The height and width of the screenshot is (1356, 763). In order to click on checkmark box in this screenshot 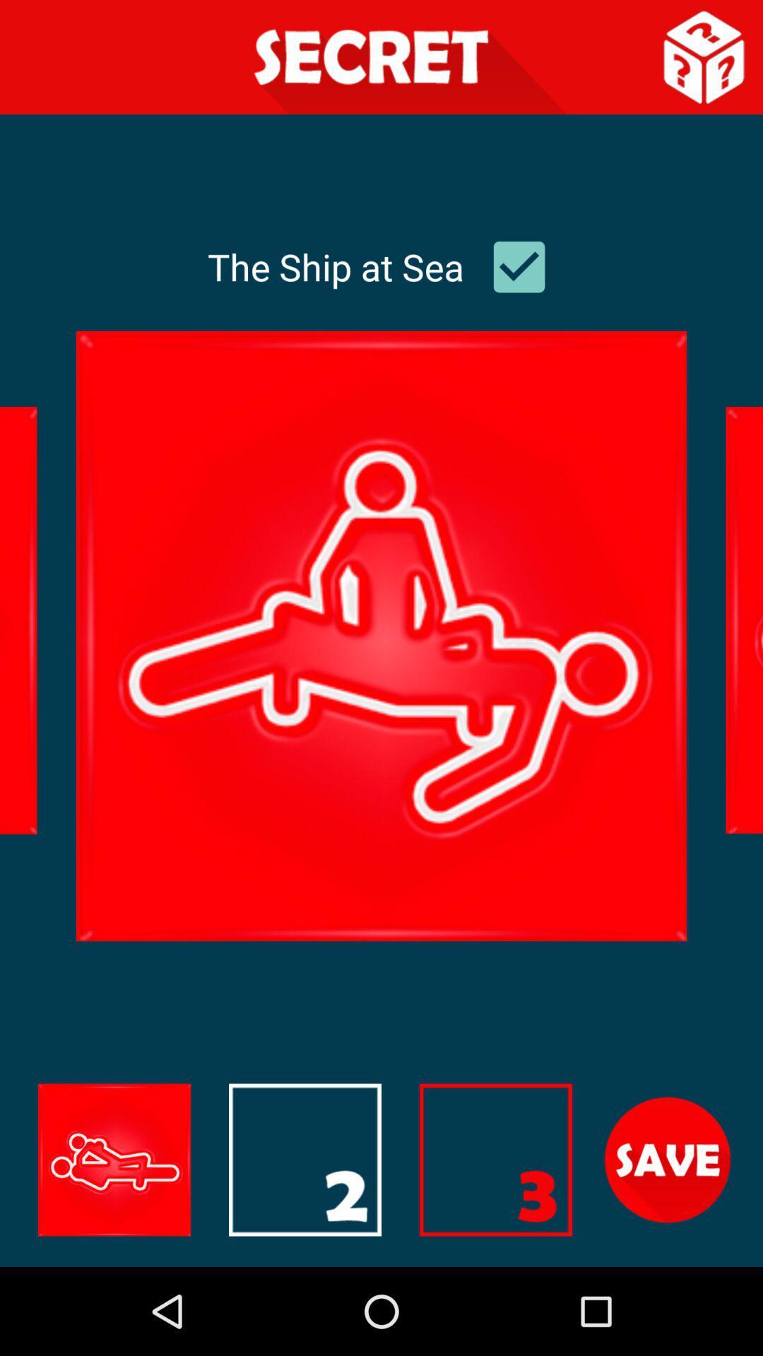, I will do `click(519, 267)`.